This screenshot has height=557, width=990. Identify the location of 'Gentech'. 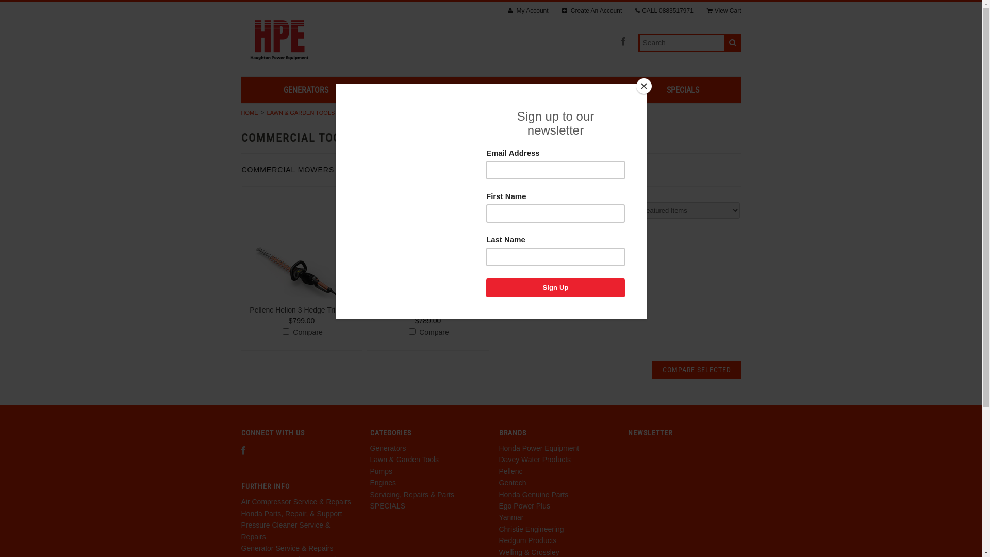
(513, 483).